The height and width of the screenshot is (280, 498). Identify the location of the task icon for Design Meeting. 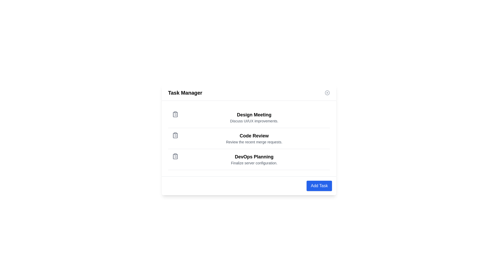
(175, 114).